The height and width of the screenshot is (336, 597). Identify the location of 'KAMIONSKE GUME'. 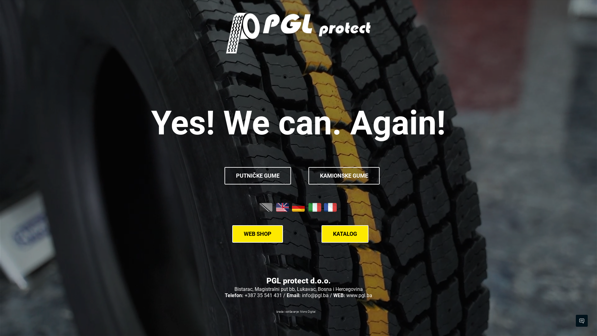
(344, 175).